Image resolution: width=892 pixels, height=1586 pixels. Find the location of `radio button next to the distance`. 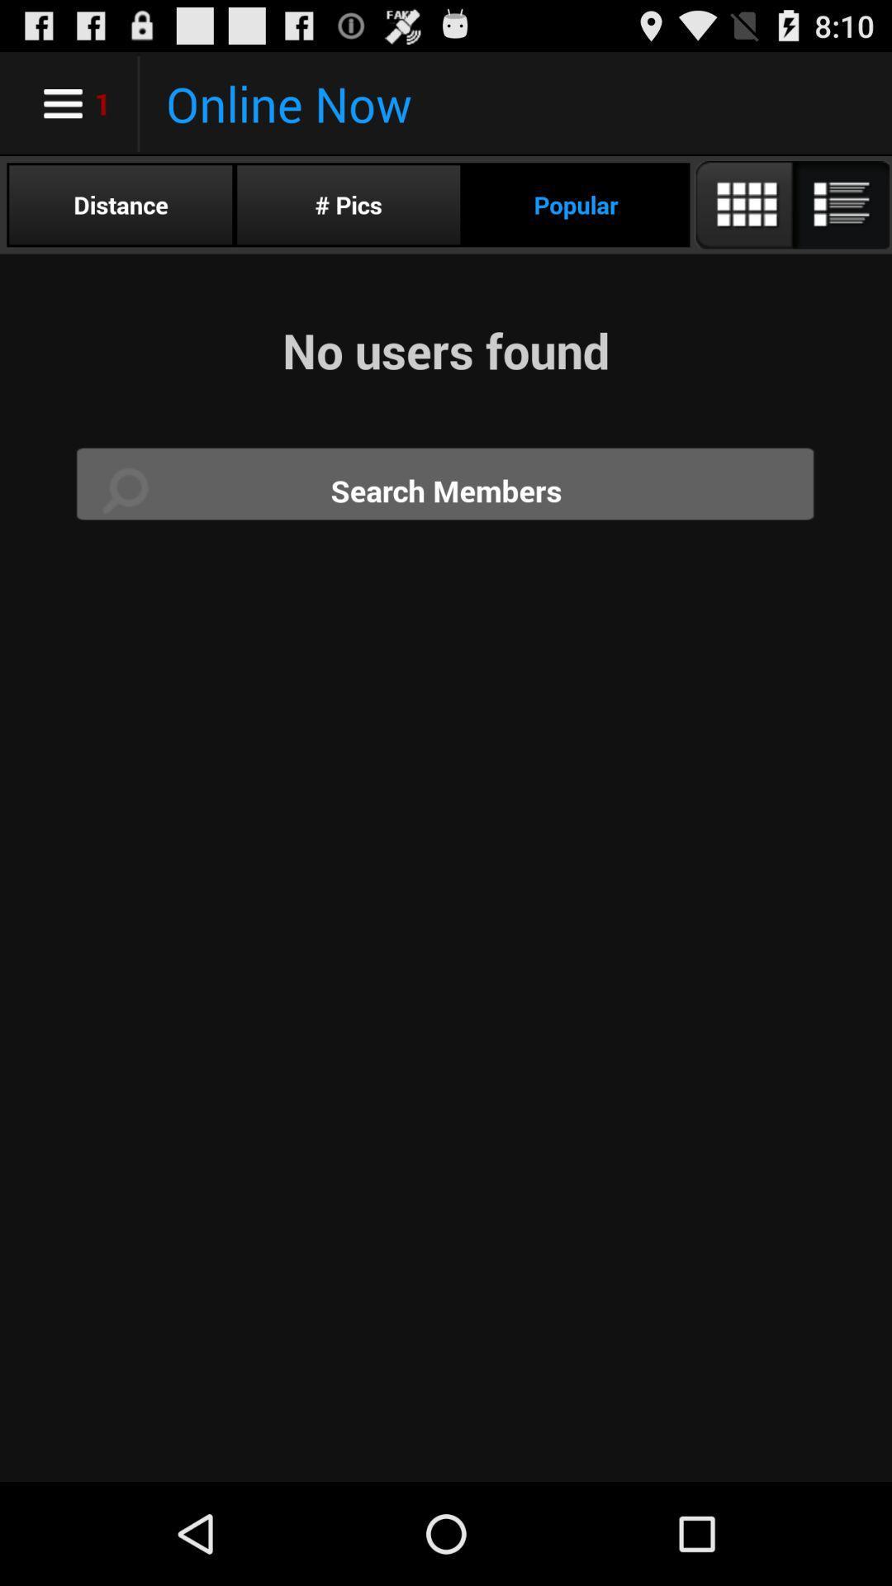

radio button next to the distance is located at coordinates (348, 204).